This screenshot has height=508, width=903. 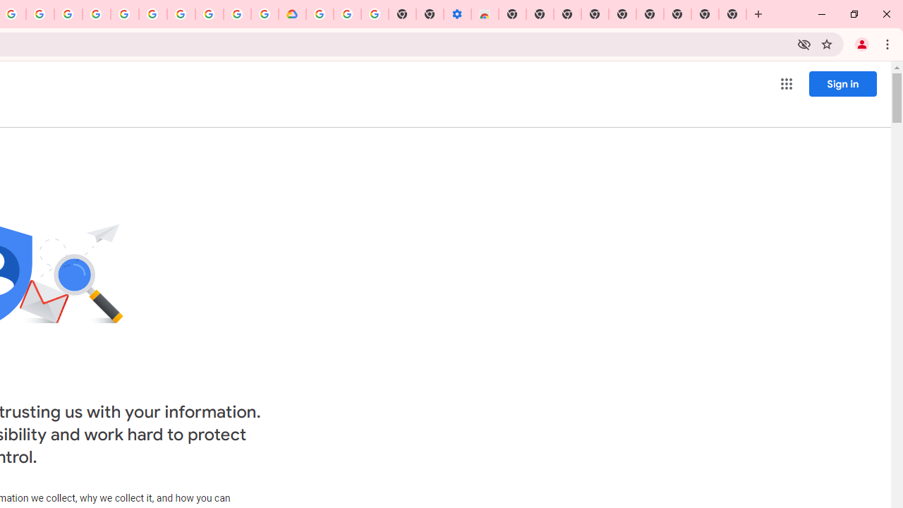 What do you see at coordinates (826, 43) in the screenshot?
I see `'Bookmark this tab'` at bounding box center [826, 43].